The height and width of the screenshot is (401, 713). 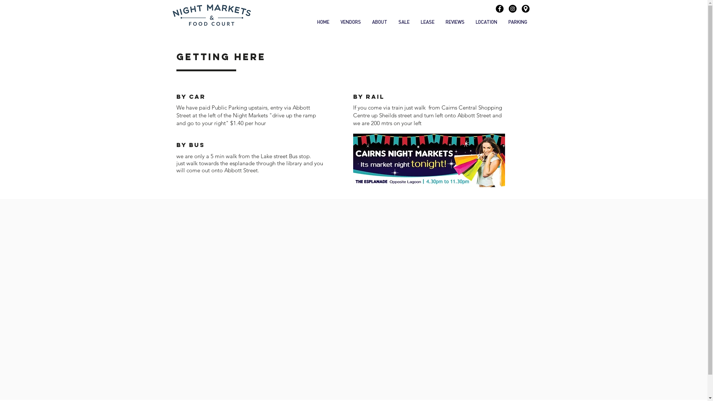 What do you see at coordinates (454, 21) in the screenshot?
I see `'REVIEWS'` at bounding box center [454, 21].